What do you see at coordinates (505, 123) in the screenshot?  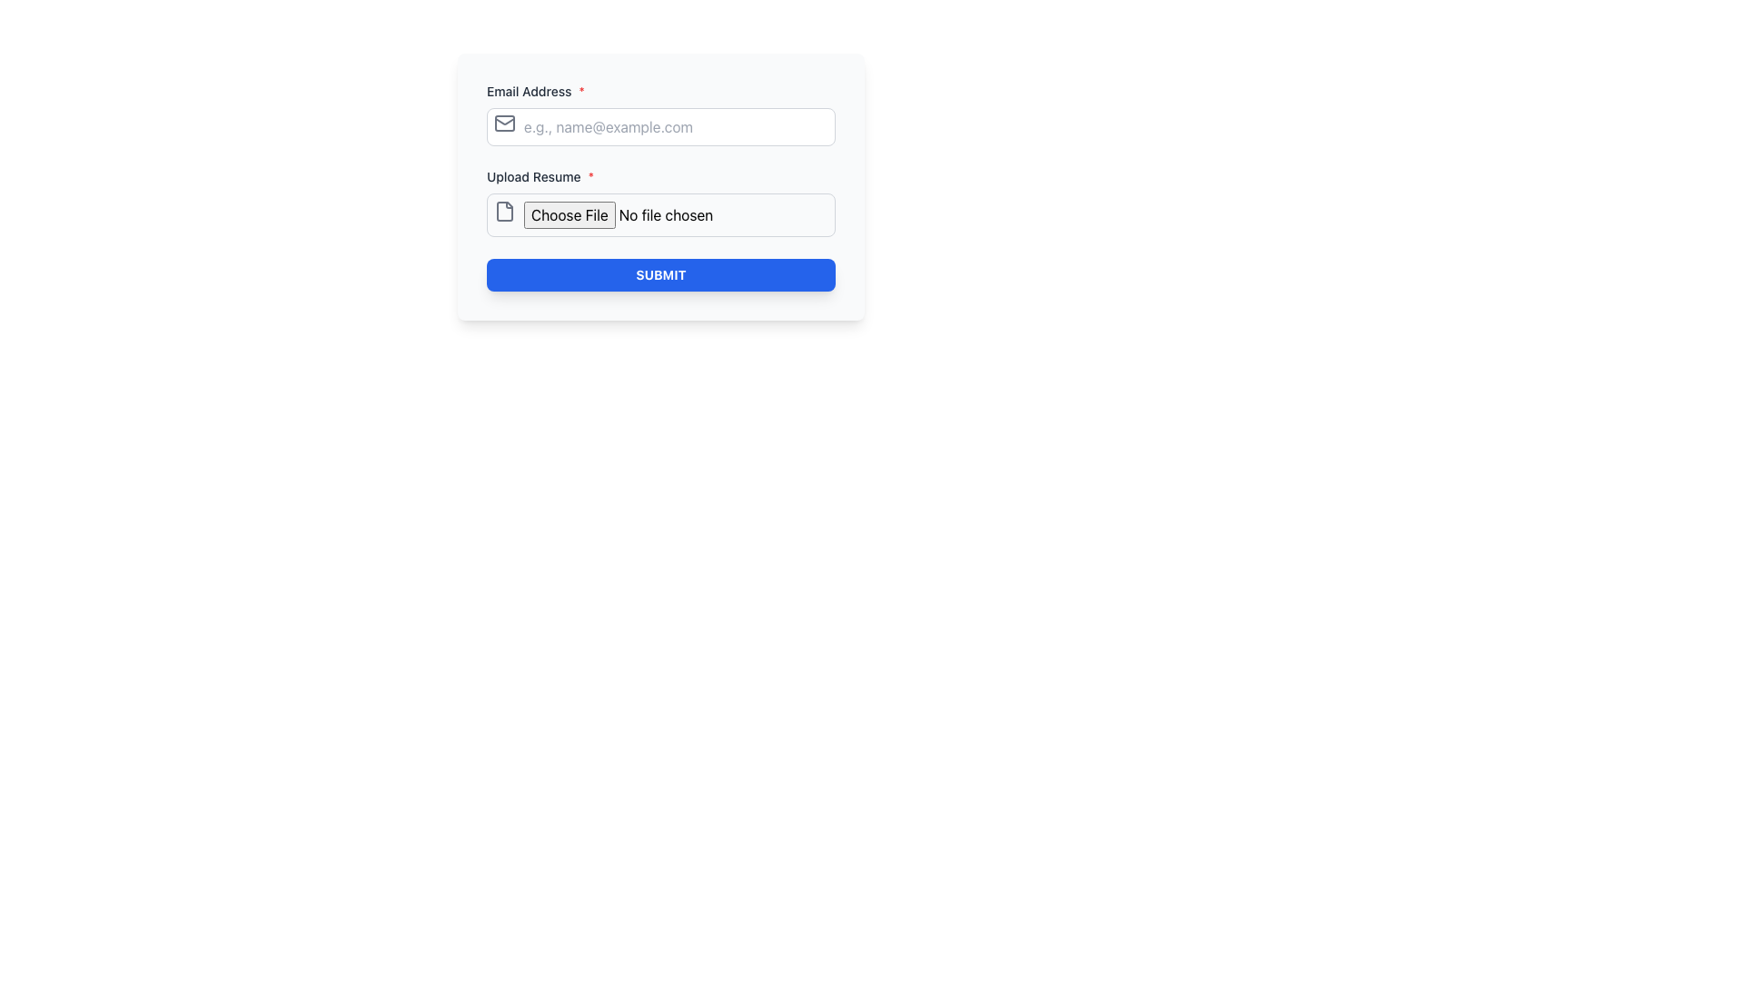 I see `the email input field icon, which is a static decorative element positioned to the far left of the email input field in the form` at bounding box center [505, 123].